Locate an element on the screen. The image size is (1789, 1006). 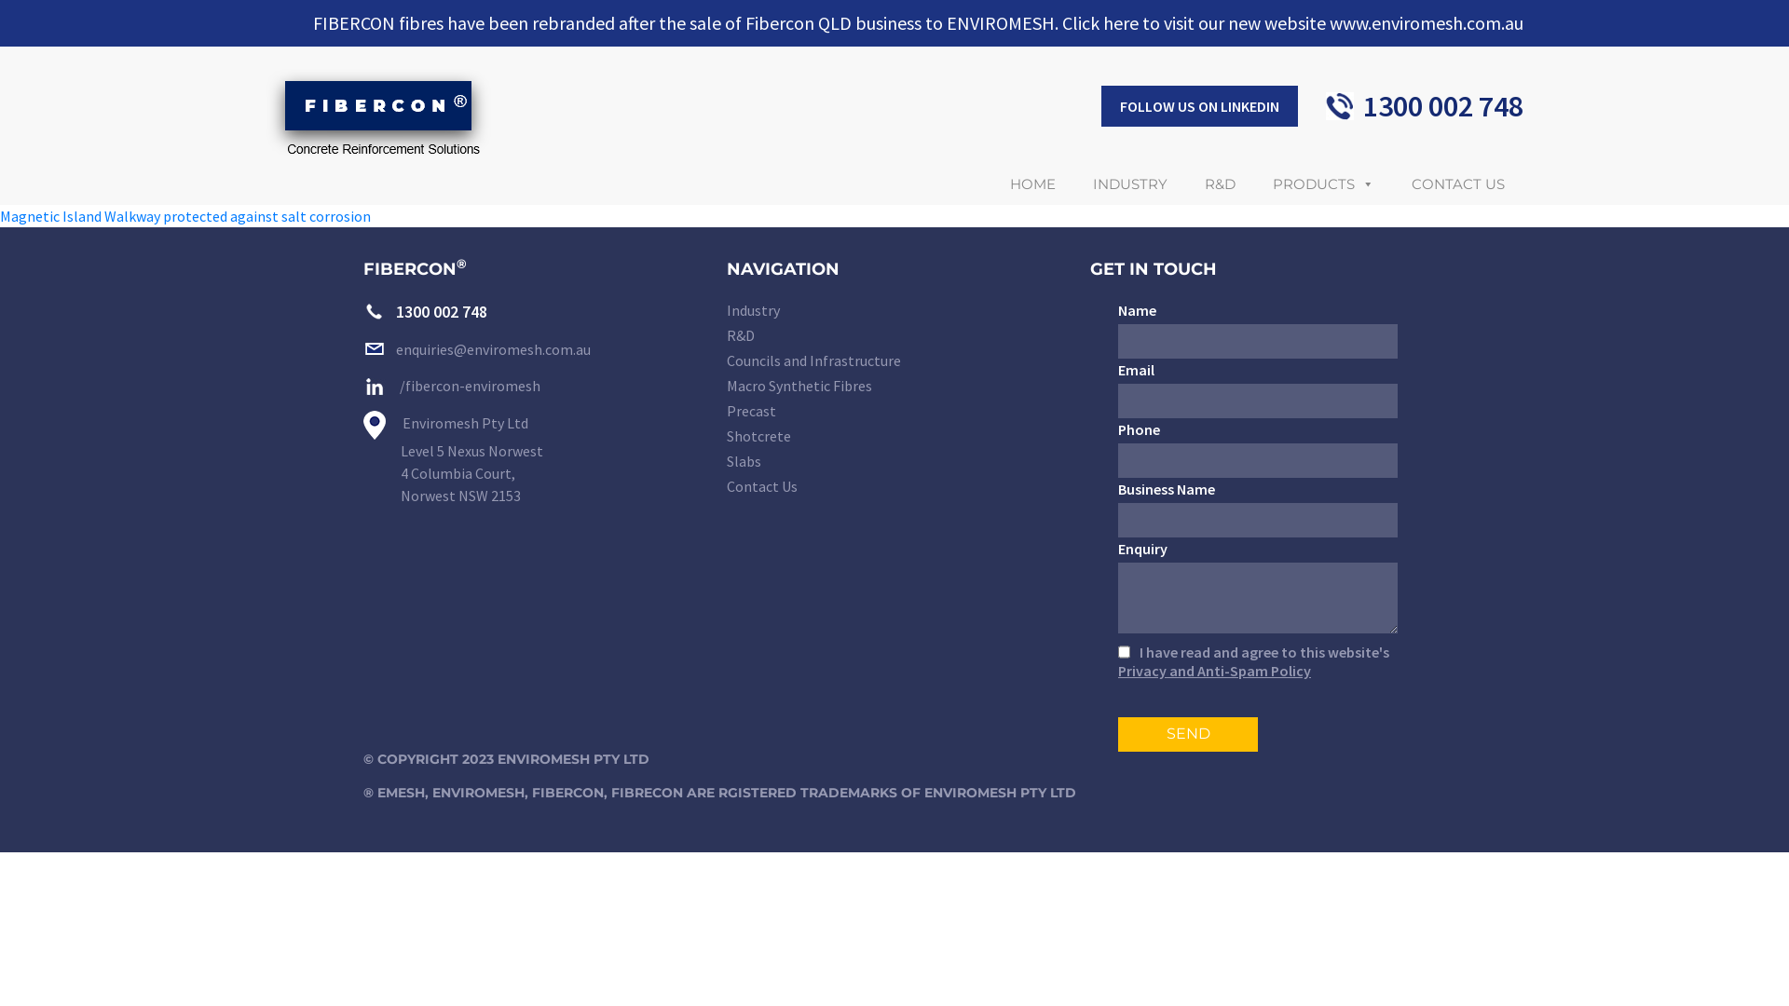
'FOLLOW US ON LINKEDIN' is located at coordinates (1199, 106).